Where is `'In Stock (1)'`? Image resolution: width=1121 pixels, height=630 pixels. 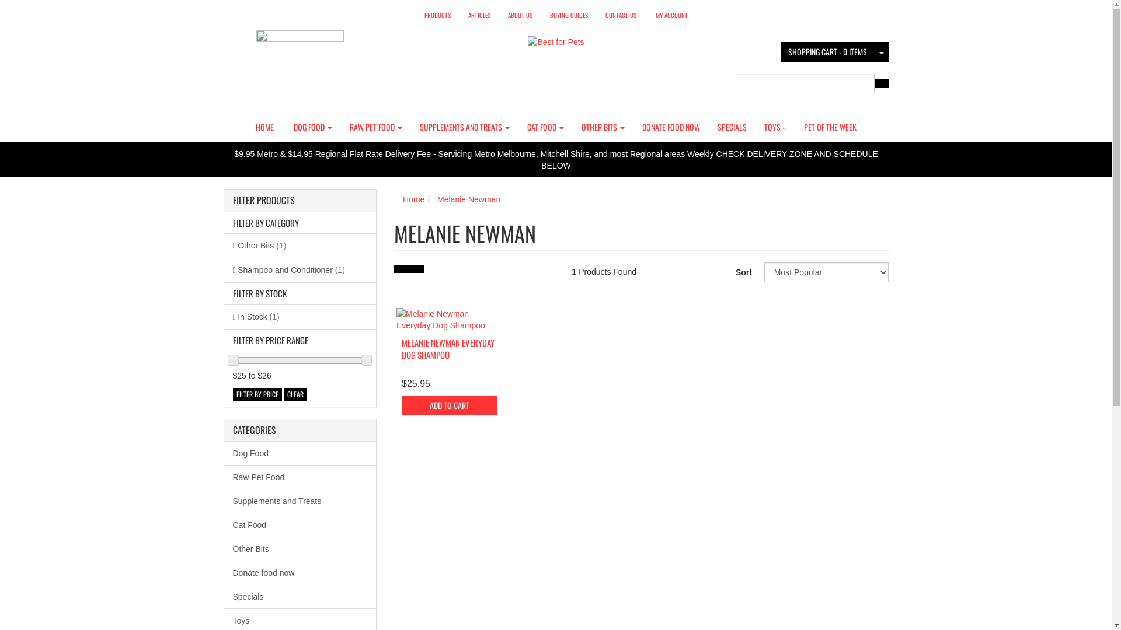
'In Stock (1)' is located at coordinates (300, 317).